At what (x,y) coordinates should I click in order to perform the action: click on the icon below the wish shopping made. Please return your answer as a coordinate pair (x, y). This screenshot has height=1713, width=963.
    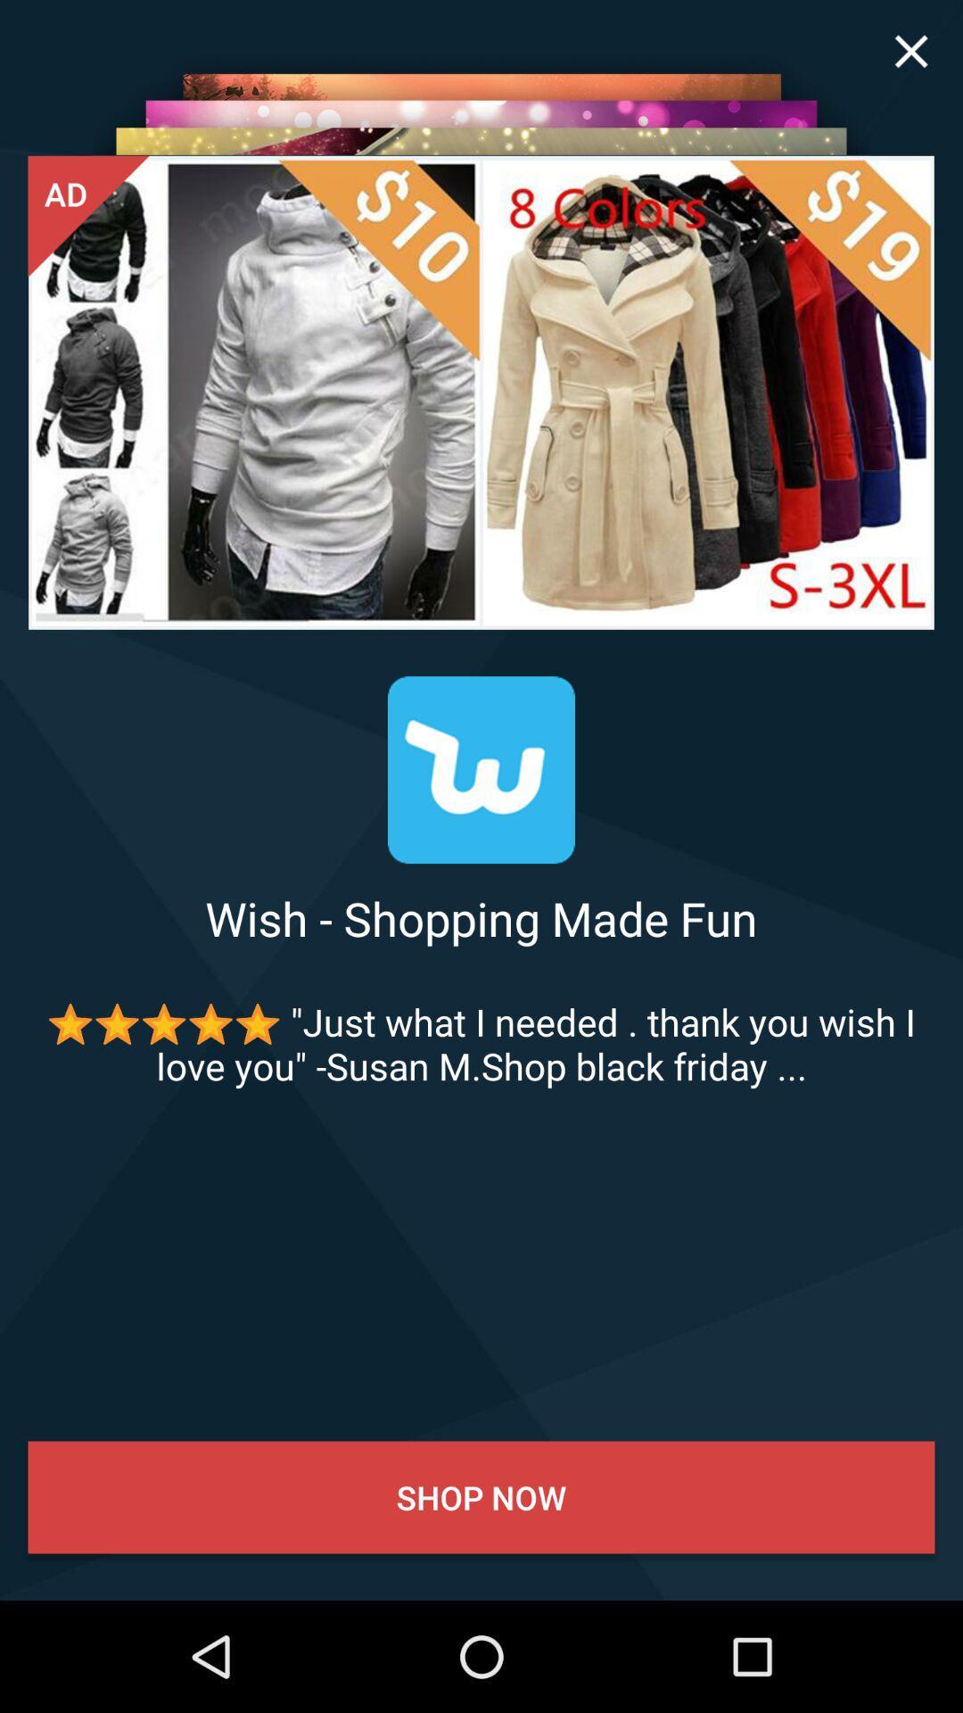
    Looking at the image, I should click on (481, 1044).